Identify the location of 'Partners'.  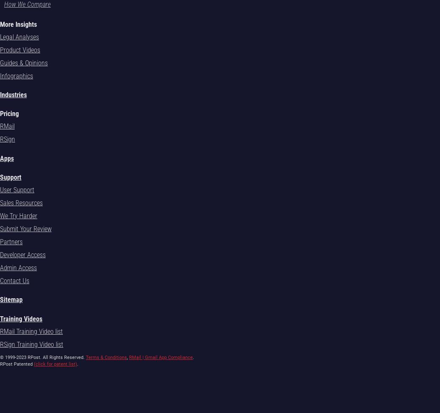
(0, 241).